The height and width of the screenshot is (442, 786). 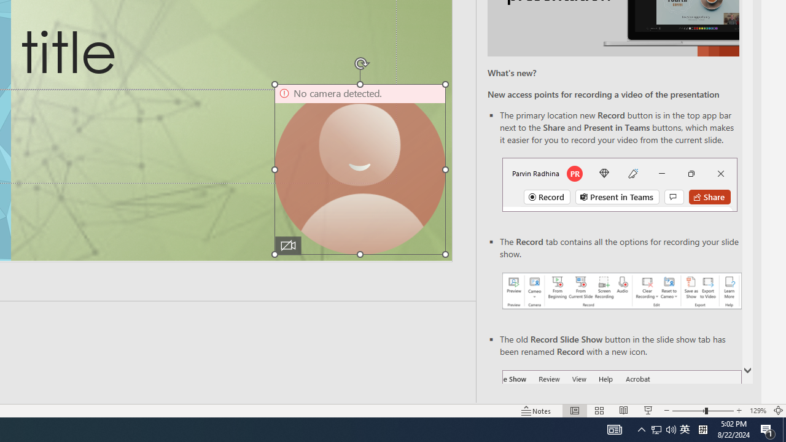 I want to click on 'Record your presentations screenshot one', so click(x=622, y=291).